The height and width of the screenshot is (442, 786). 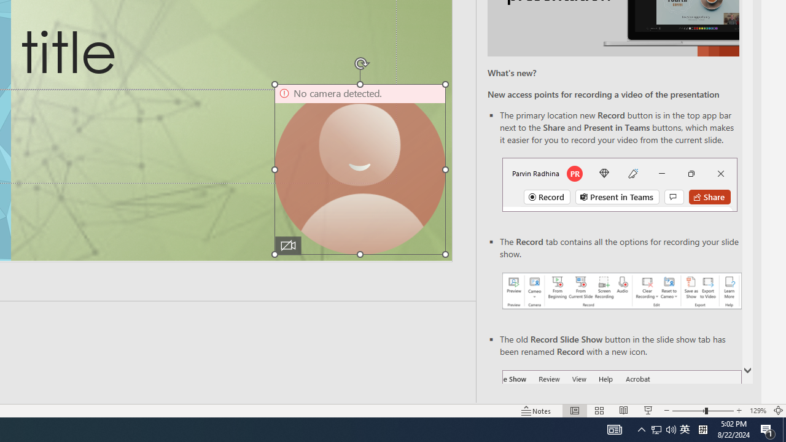 I want to click on 'Record your presentations screenshot one', so click(x=622, y=291).